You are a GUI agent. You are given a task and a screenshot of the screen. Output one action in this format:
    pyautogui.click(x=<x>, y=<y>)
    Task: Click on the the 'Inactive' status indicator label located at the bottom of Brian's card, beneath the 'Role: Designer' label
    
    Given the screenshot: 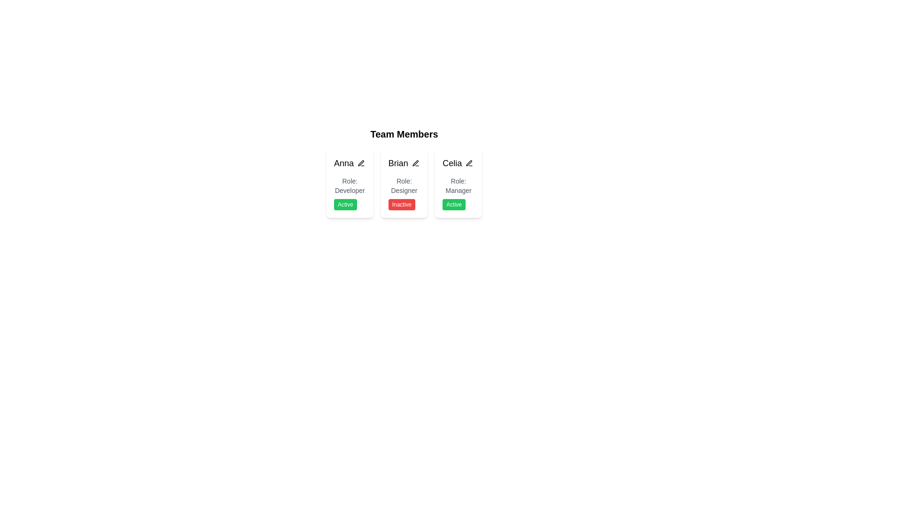 What is the action you would take?
    pyautogui.click(x=402, y=204)
    